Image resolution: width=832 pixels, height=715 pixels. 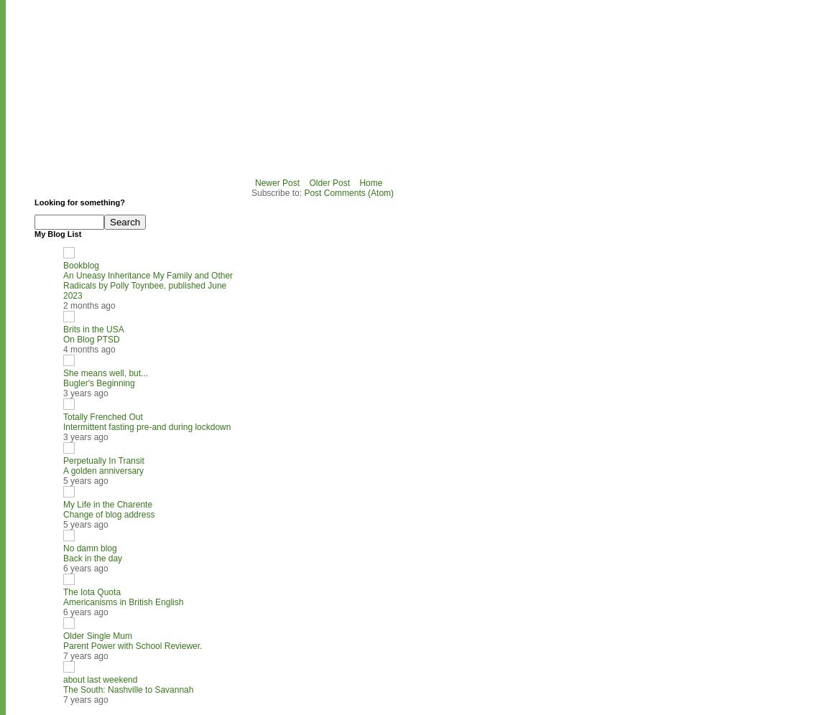 I want to click on 'Parent Power with School Reviewer.', so click(x=132, y=645).